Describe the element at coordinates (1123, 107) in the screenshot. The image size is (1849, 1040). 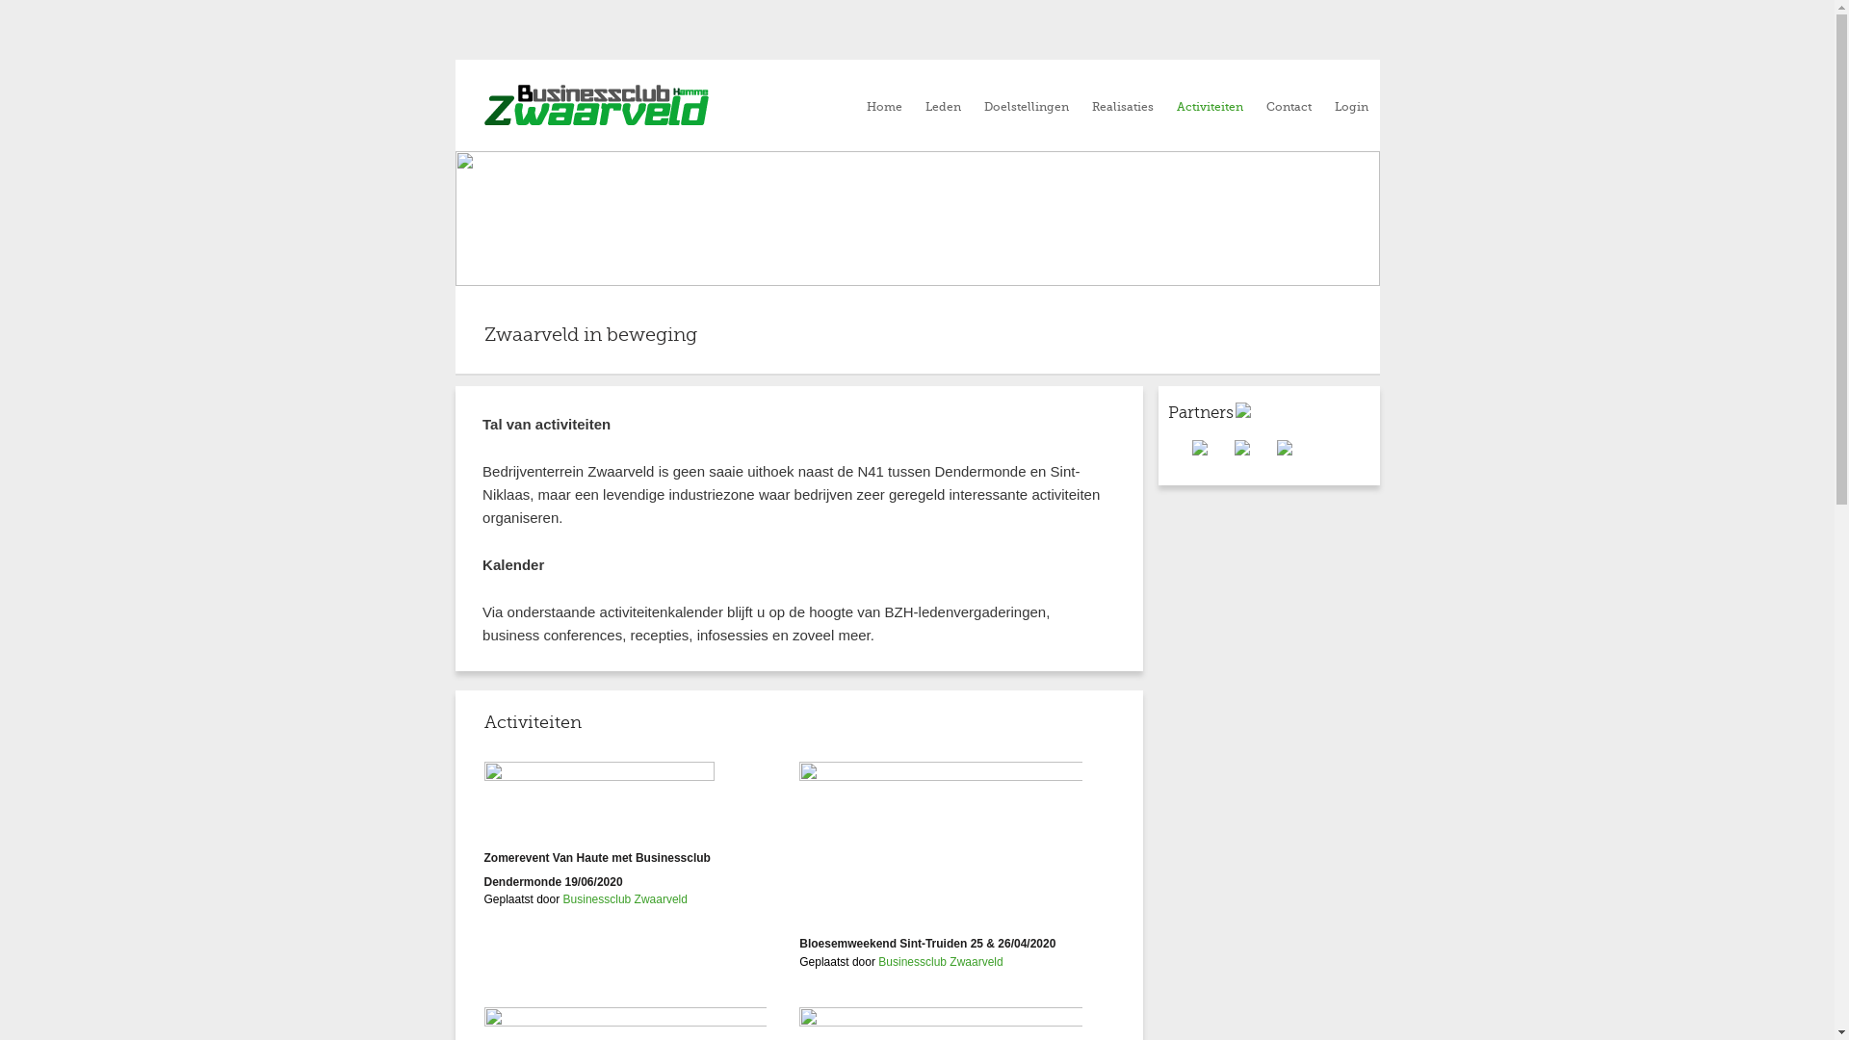
I see `'Realisaties'` at that location.